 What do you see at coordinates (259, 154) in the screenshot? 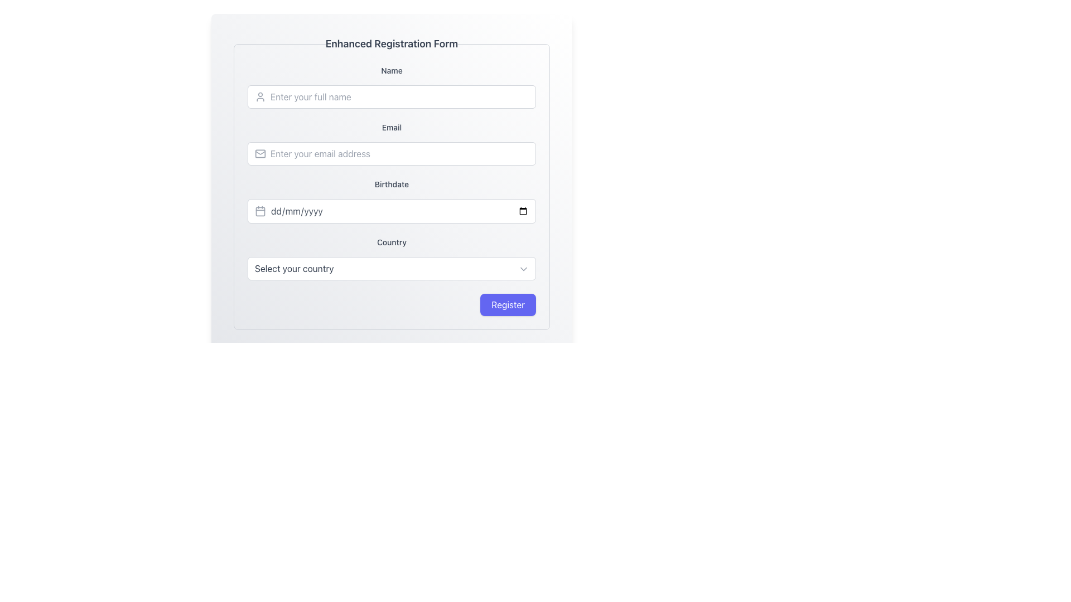
I see `the email input field icon located in the 'Email' section of the form, which serves as a visual cue for the email address input` at bounding box center [259, 154].